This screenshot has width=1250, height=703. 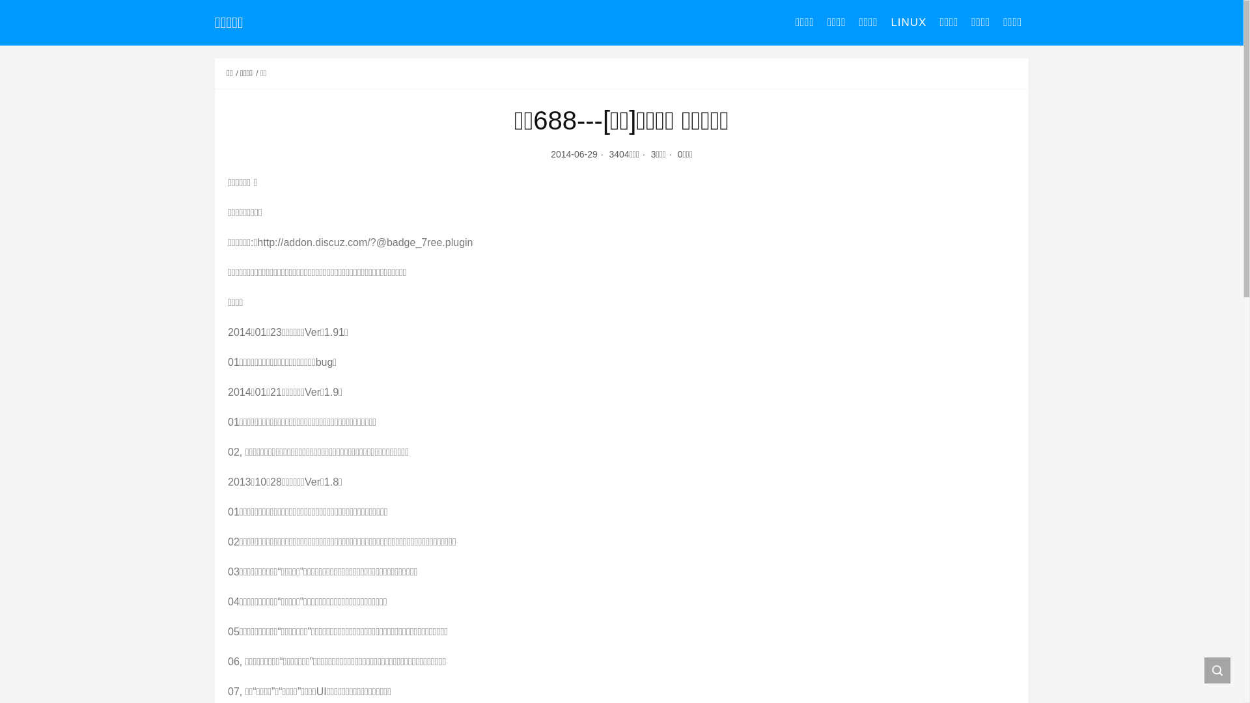 What do you see at coordinates (884, 22) in the screenshot?
I see `'LINUX'` at bounding box center [884, 22].